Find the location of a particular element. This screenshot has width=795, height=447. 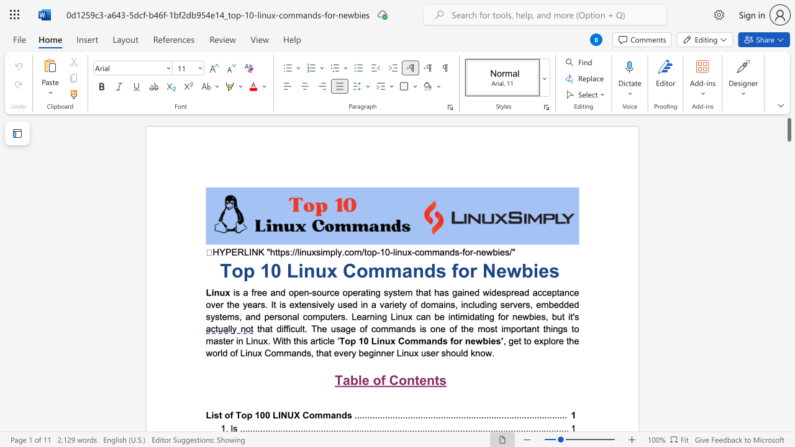

the space between the continuous character "s" and "h" in the text is located at coordinates (446, 353).